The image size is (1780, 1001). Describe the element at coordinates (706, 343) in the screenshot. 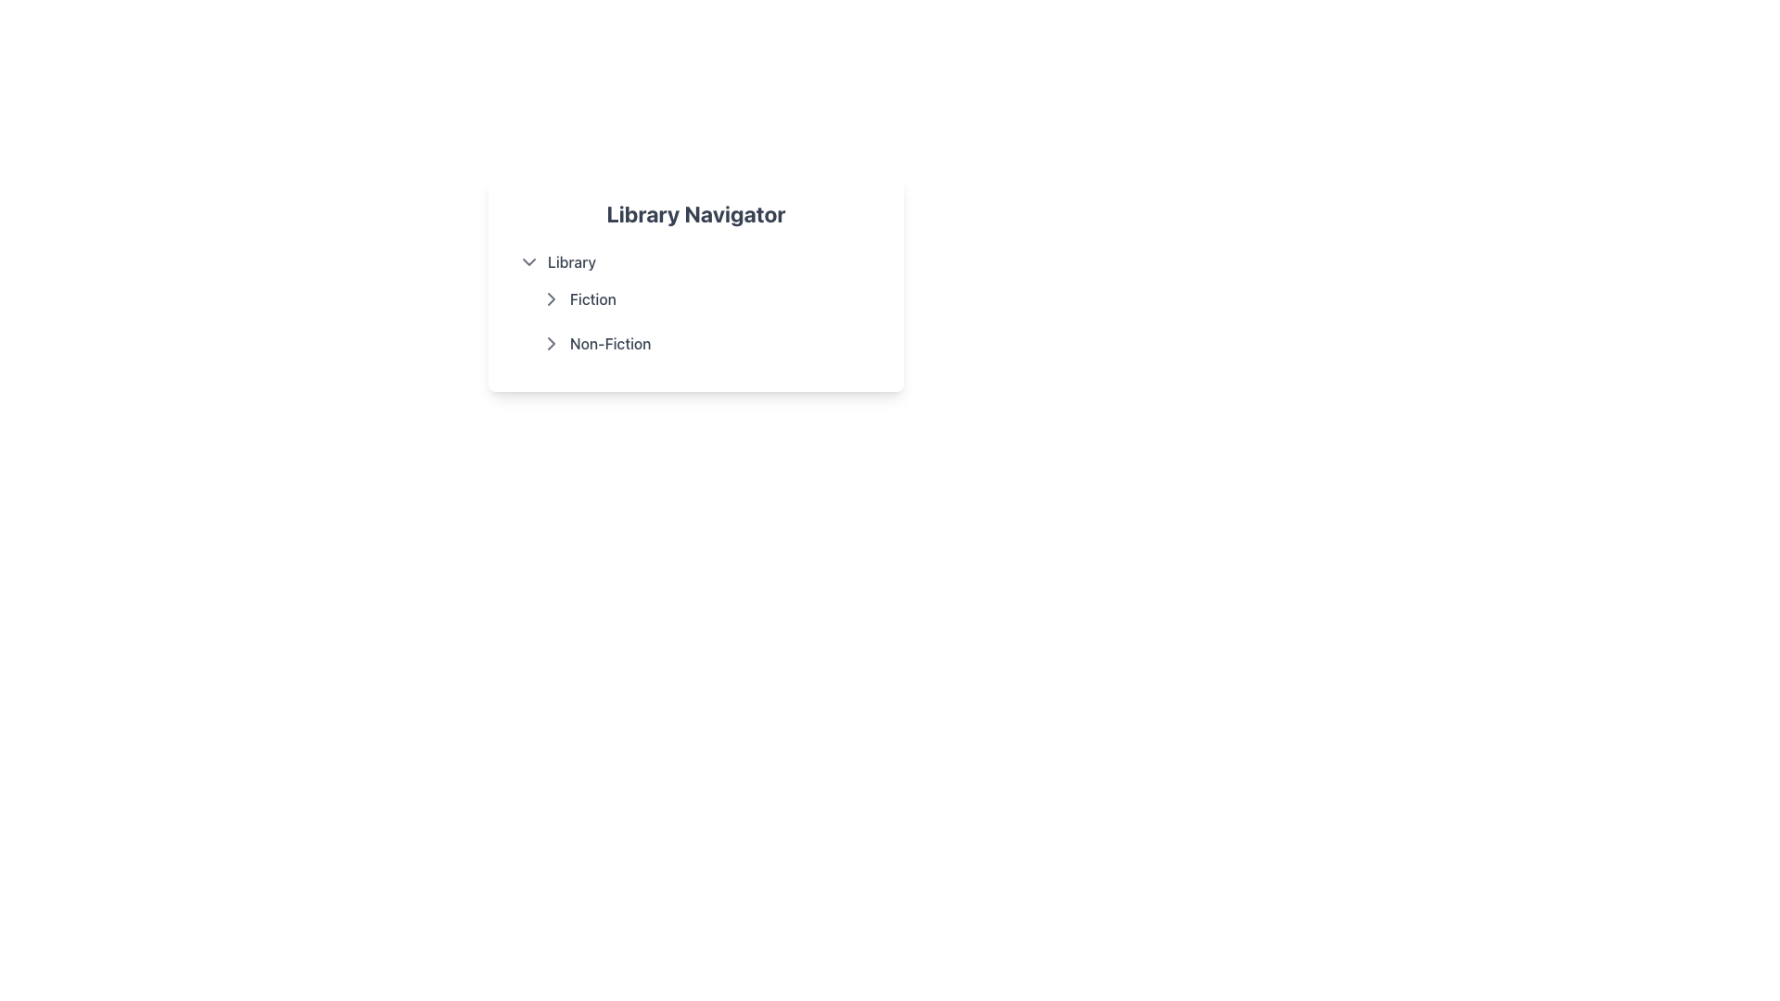

I see `the 'Non-Fiction' menu item located under the 'Library Navigator' panel` at that location.